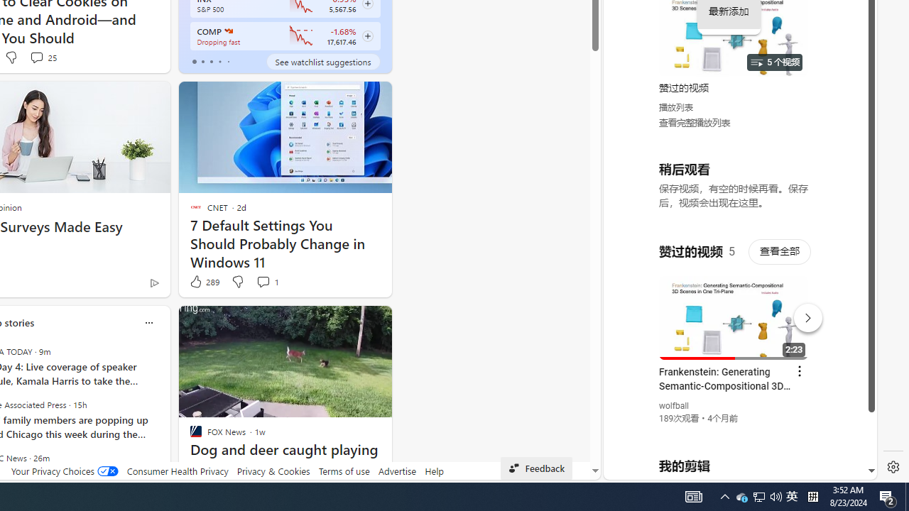 The height and width of the screenshot is (511, 909). Describe the element at coordinates (367, 35) in the screenshot. I see `'Class: follow-button  m'` at that location.